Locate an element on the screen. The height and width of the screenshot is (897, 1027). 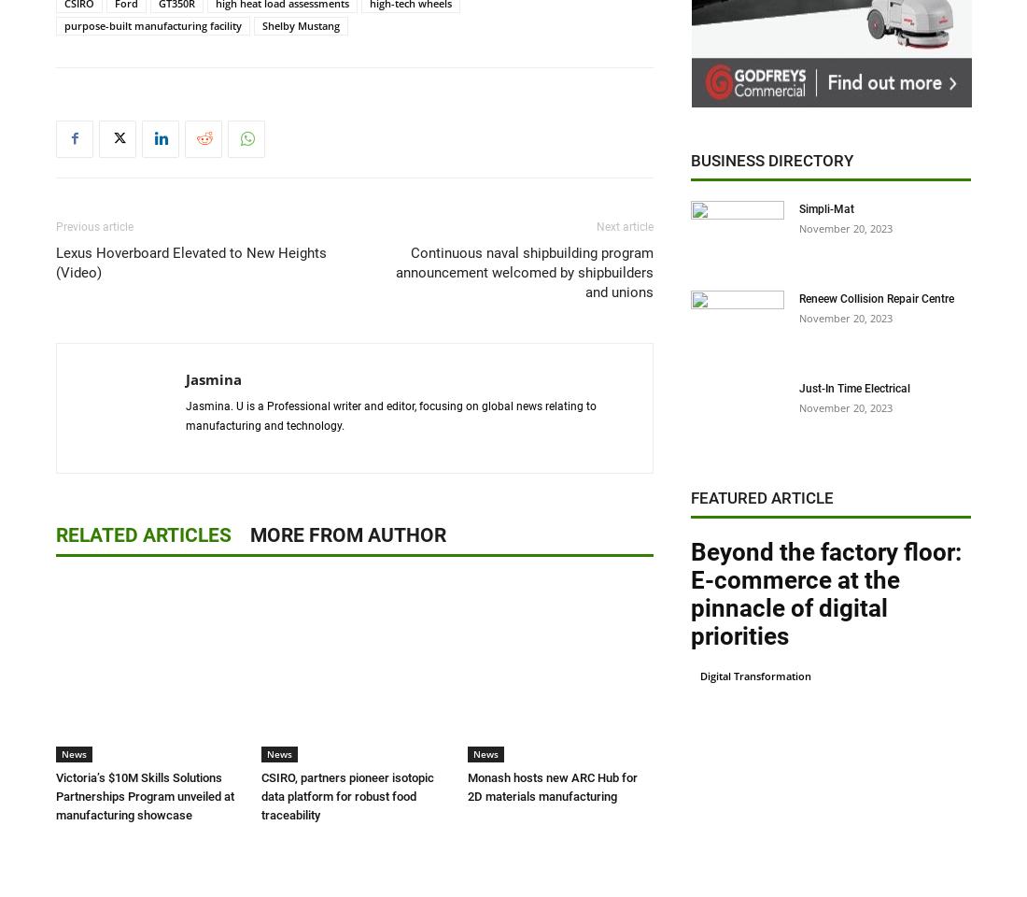
'Lexus Hoverboard Elevated to New Heights (Video)' is located at coordinates (190, 261).